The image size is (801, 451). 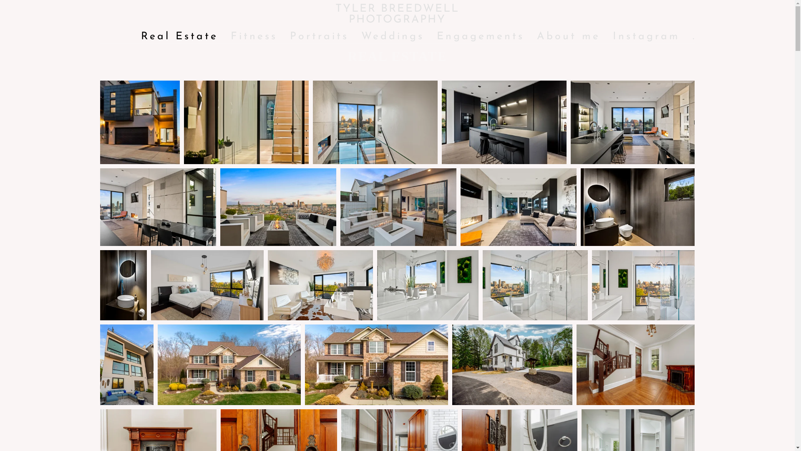 I want to click on 'Fitness', so click(x=254, y=36).